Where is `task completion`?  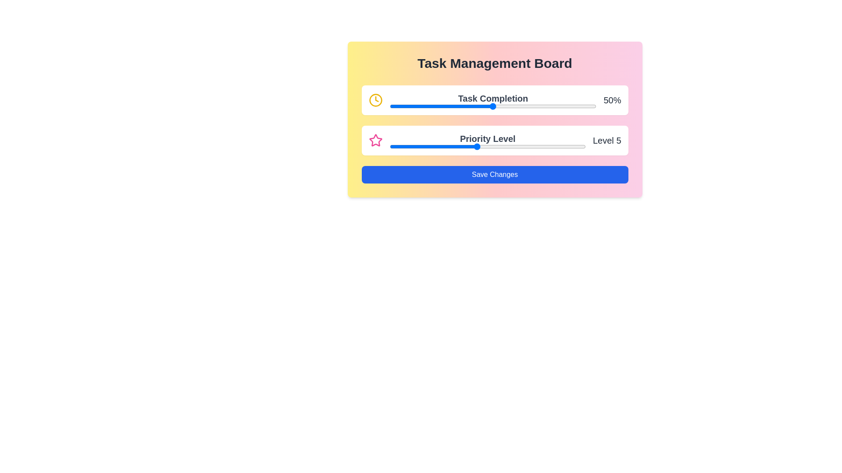 task completion is located at coordinates (461, 104).